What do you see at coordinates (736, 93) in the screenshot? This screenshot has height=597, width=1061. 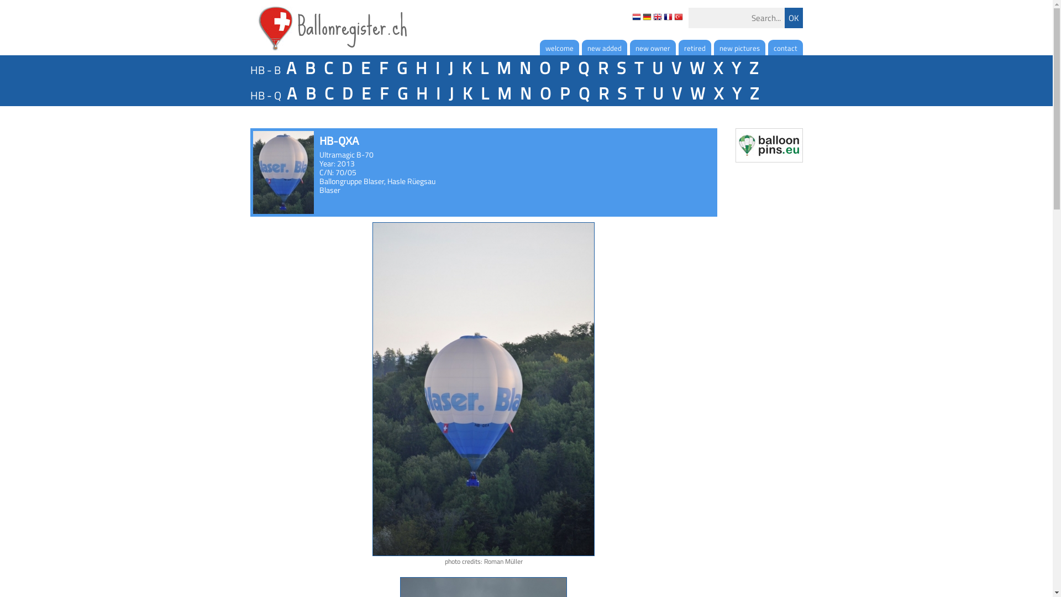 I see `'Y'` at bounding box center [736, 93].